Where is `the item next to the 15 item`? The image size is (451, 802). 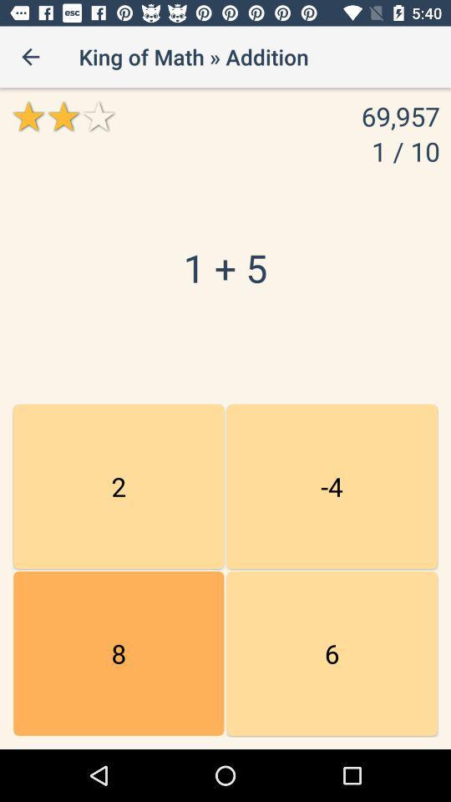 the item next to the 15 item is located at coordinates (332, 653).